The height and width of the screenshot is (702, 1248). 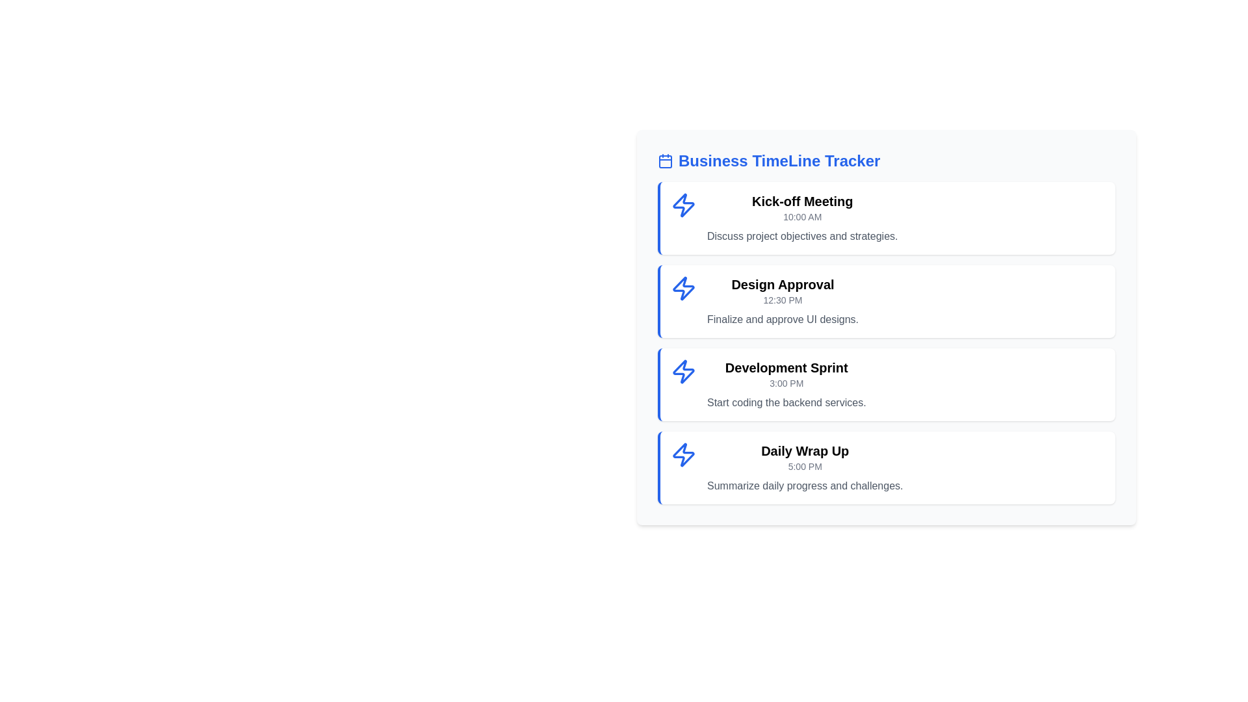 I want to click on the second item in the 'Business TimeLine Tracker' list, which displays a scheduled task or event with its title, timestamp, and description, so click(x=782, y=301).